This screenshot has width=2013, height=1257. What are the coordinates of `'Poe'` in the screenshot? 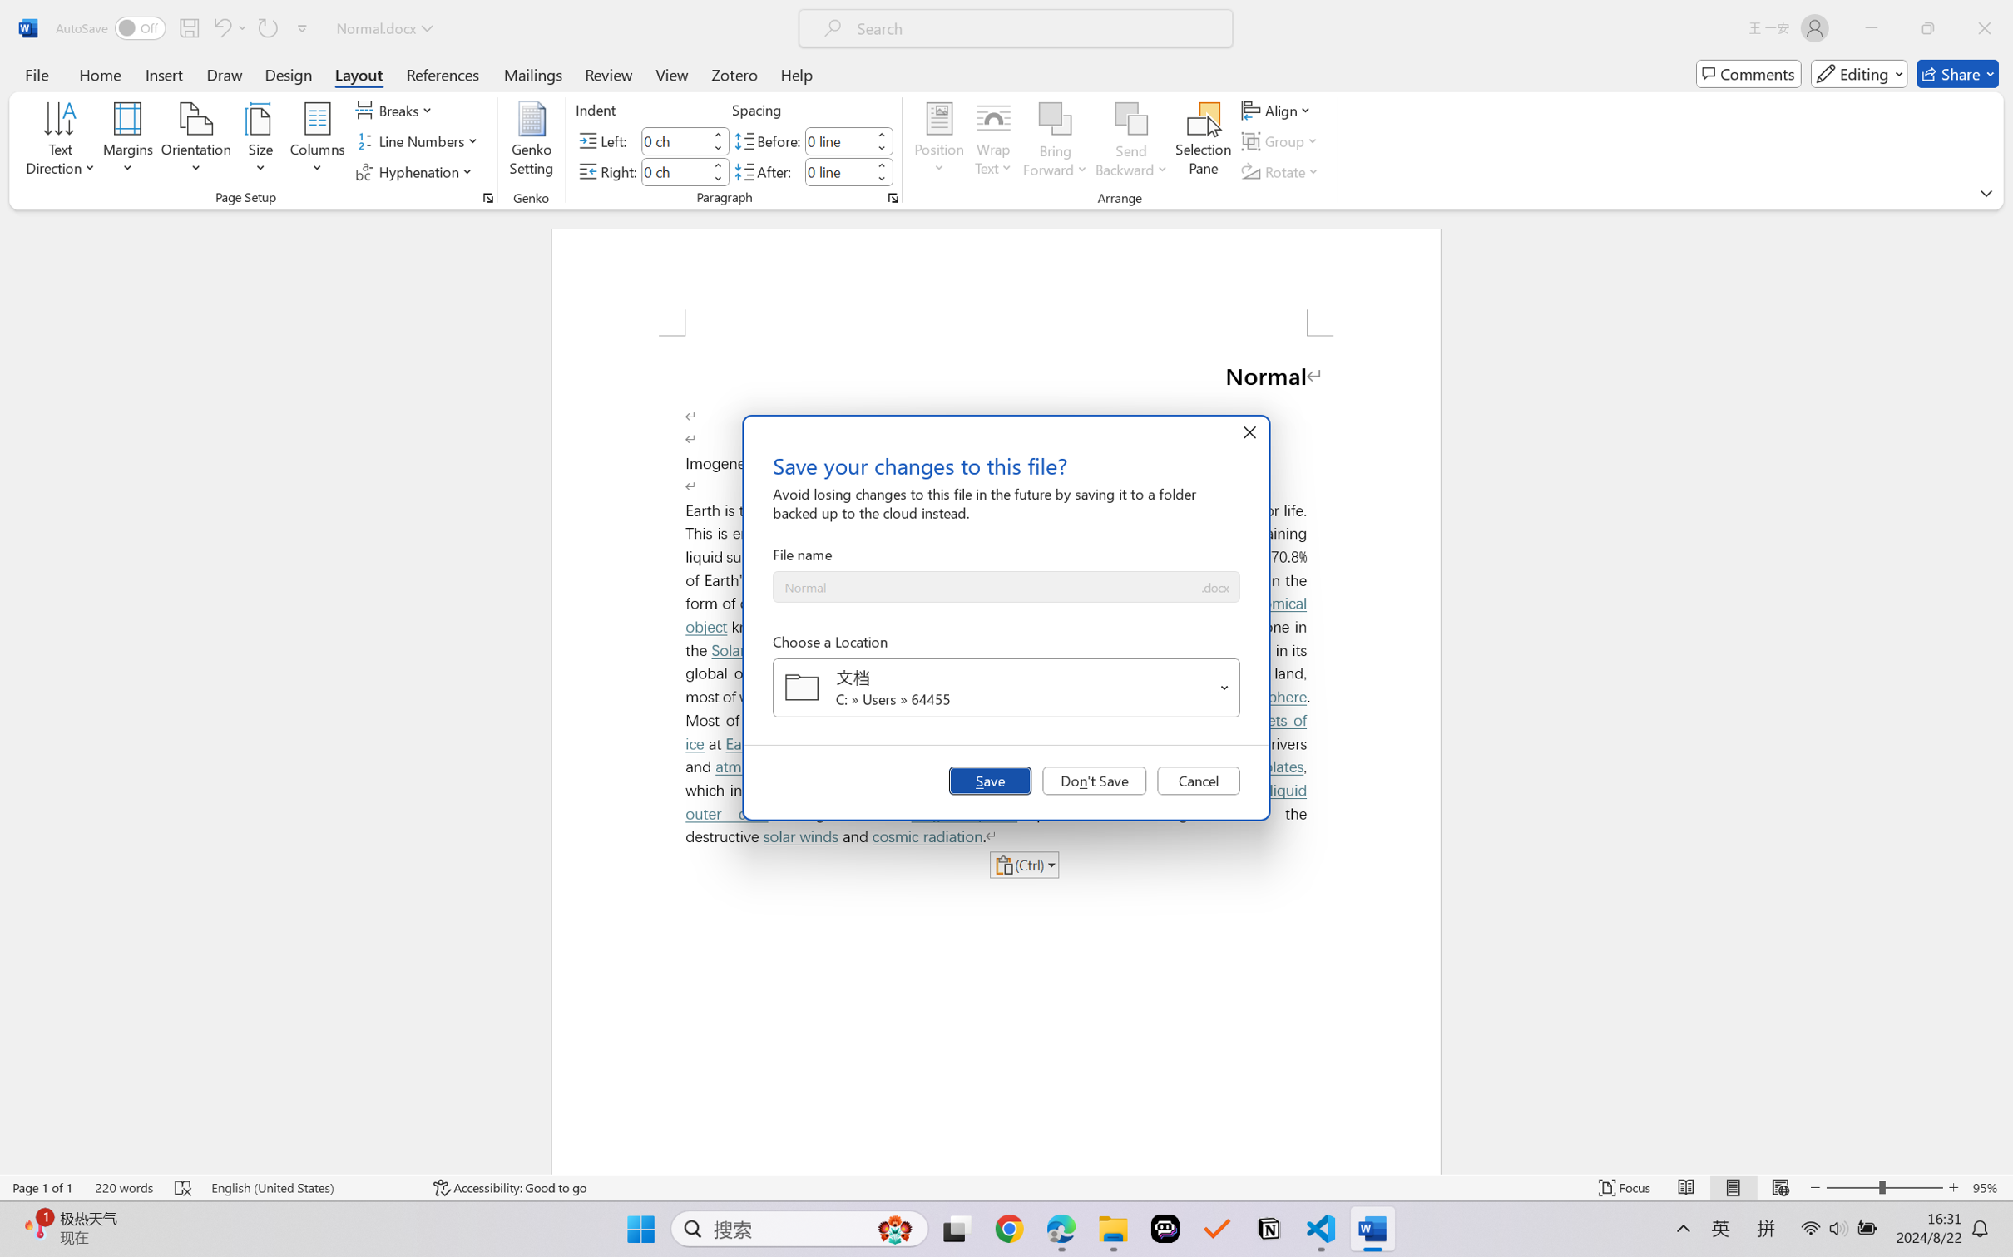 It's located at (1165, 1229).